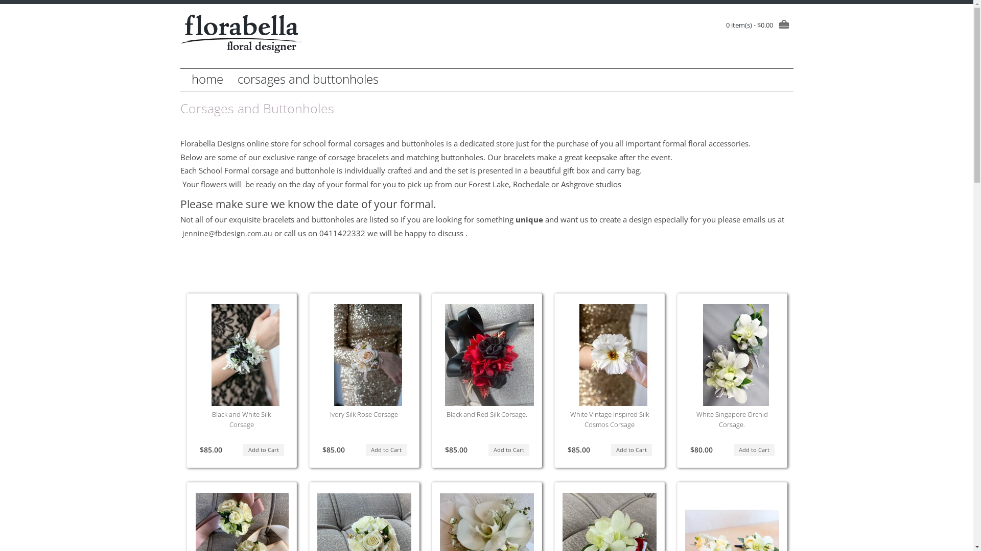  What do you see at coordinates (211, 419) in the screenshot?
I see `'Black and White Silk Corsage'` at bounding box center [211, 419].